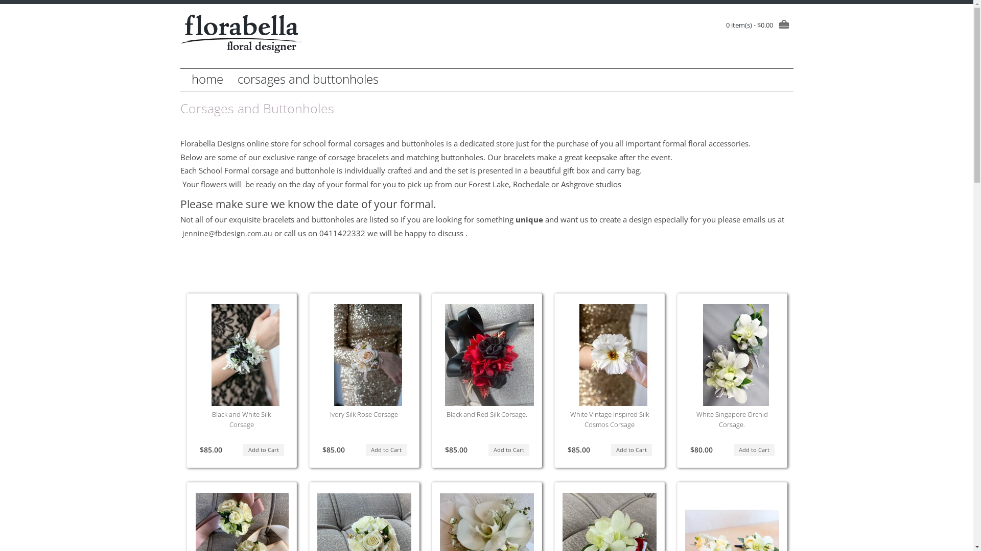  What do you see at coordinates (211, 419) in the screenshot?
I see `'Black and White Silk Corsage'` at bounding box center [211, 419].